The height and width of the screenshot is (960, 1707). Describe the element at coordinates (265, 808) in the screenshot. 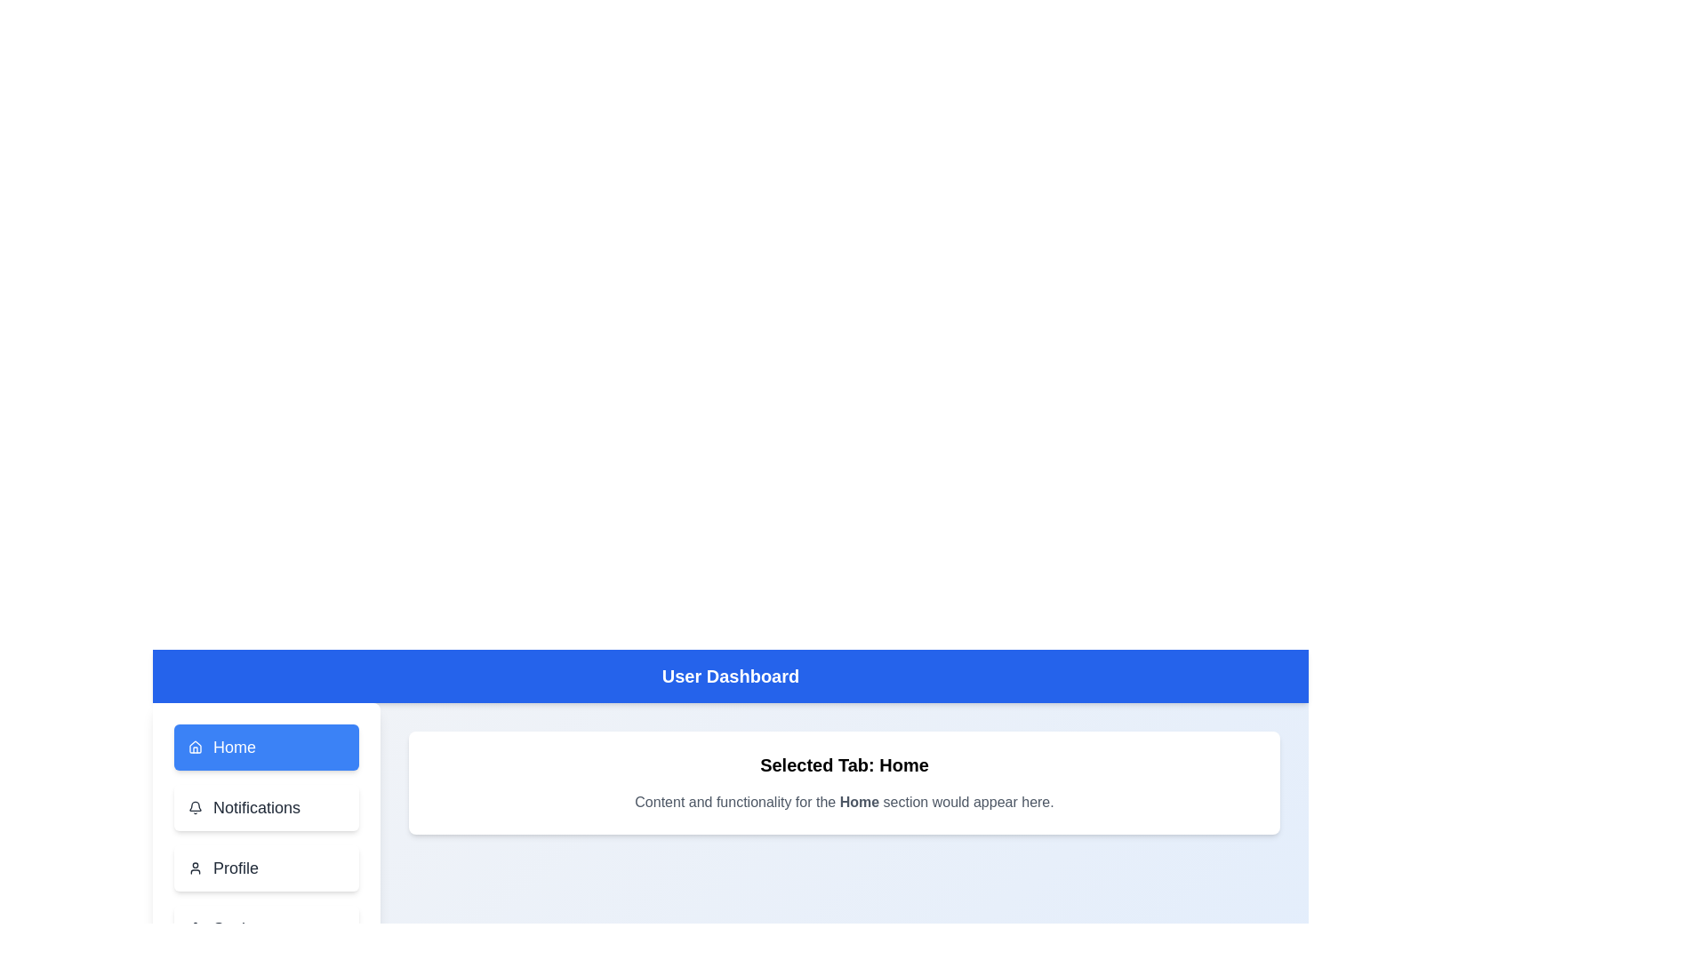

I see `the navigation button labeled Notifications` at that location.